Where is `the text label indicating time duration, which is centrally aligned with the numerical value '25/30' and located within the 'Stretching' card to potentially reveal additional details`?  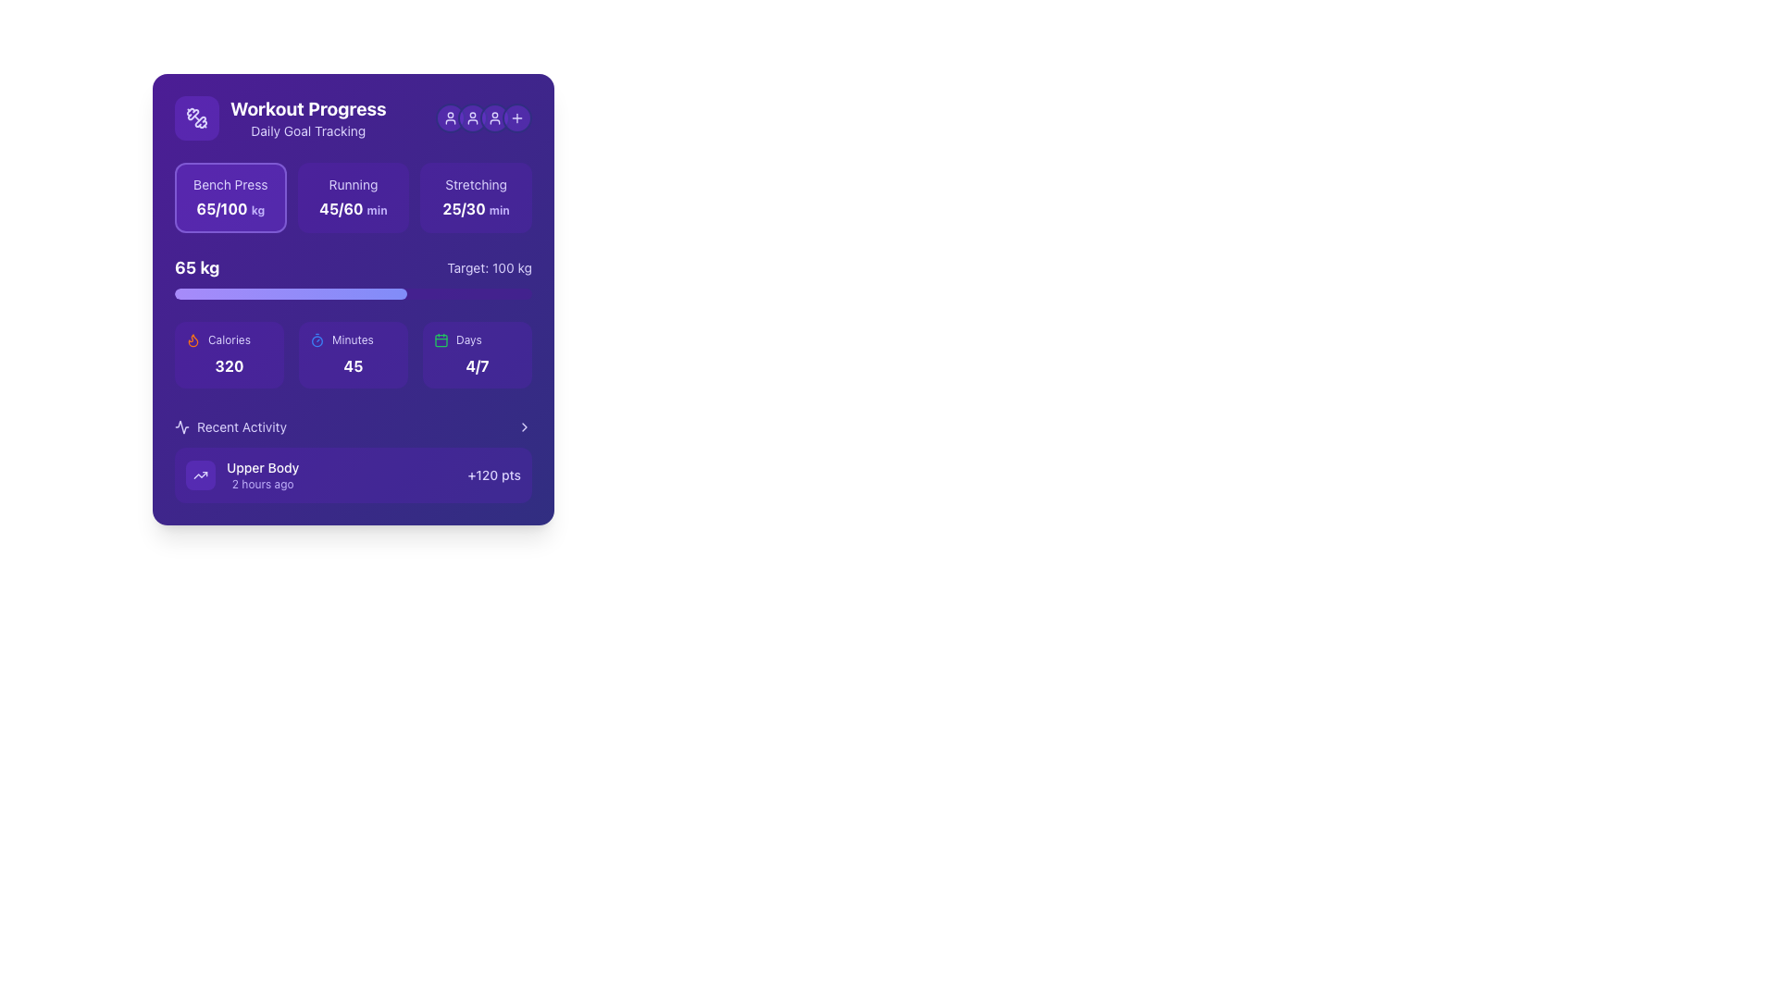
the text label indicating time duration, which is centrally aligned with the numerical value '25/30' and located within the 'Stretching' card to potentially reveal additional details is located at coordinates (499, 209).